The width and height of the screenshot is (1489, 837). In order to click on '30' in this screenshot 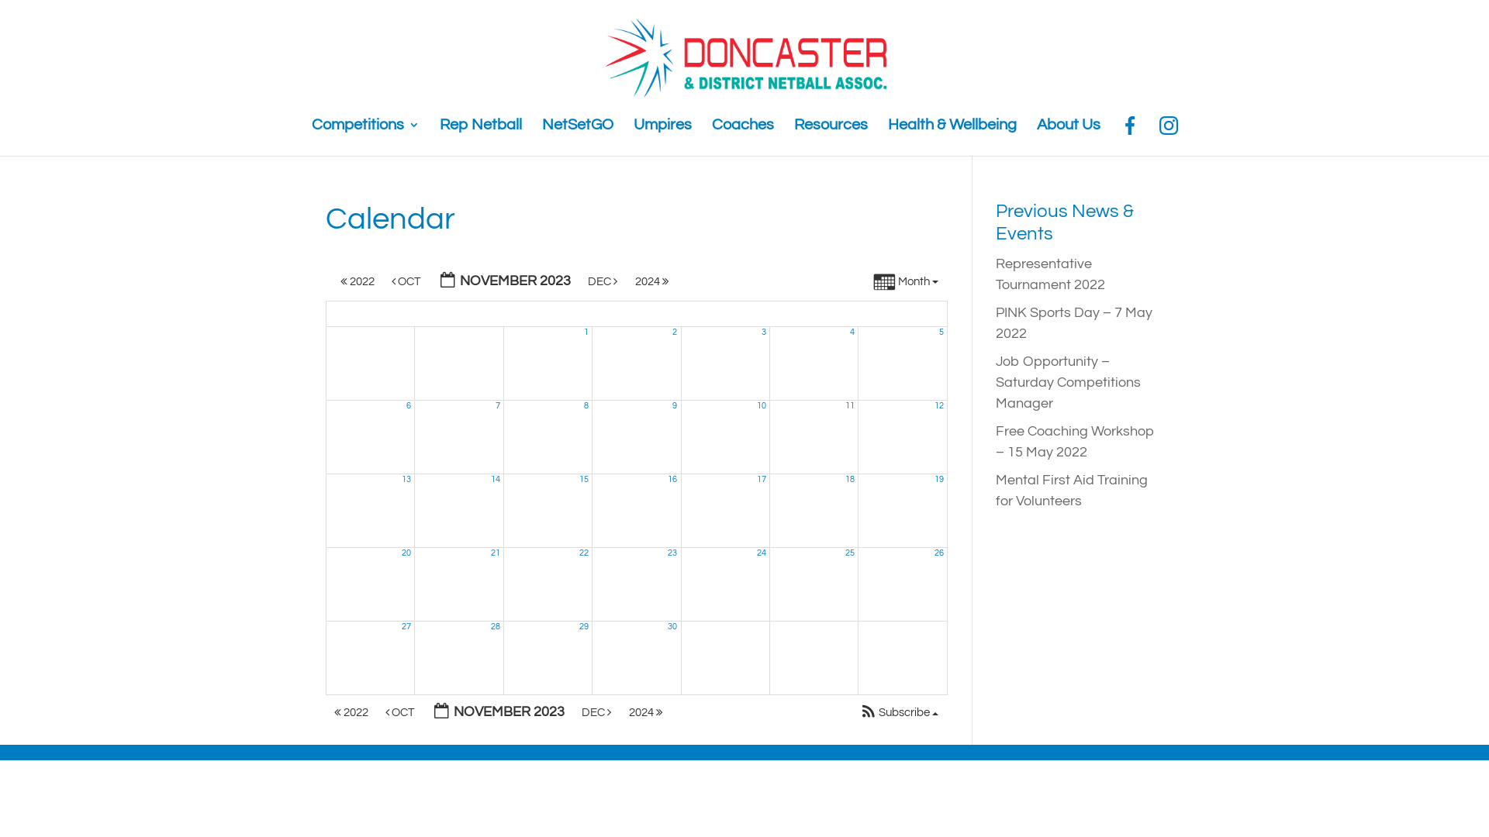, I will do `click(672, 625)`.